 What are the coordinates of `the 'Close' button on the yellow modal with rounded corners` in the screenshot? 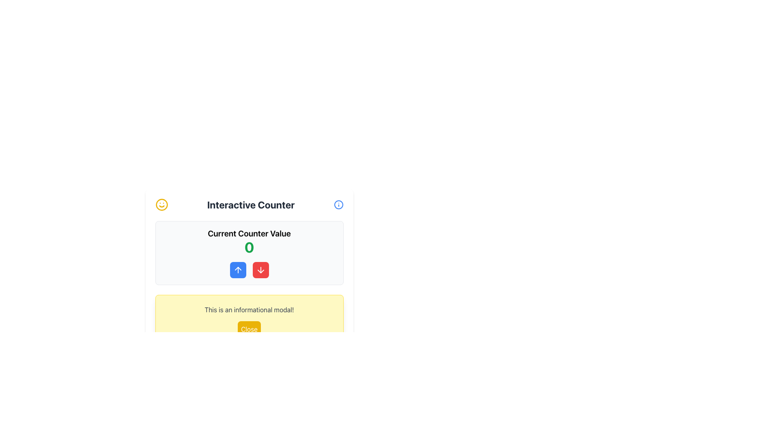 It's located at (249, 320).